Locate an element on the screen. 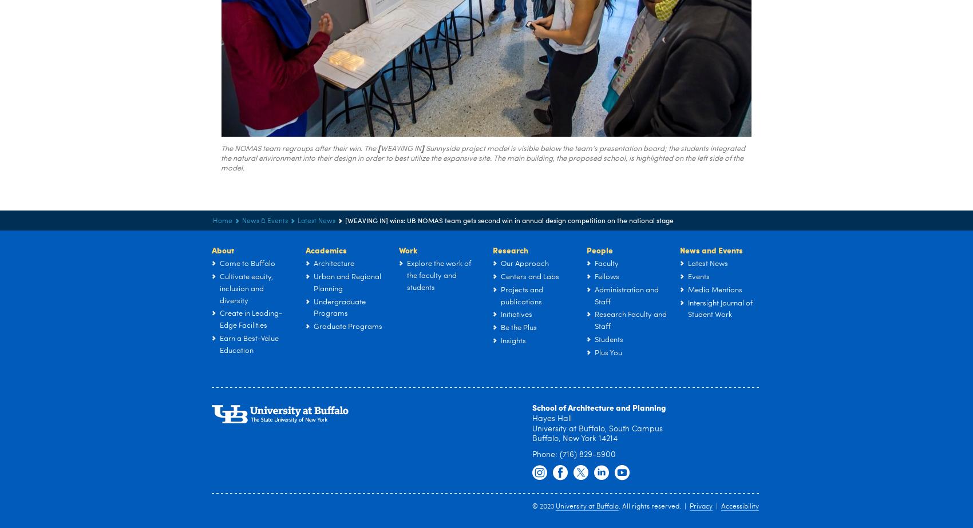 Image resolution: width=973 pixels, height=528 pixels. 'Plus You' is located at coordinates (608, 352).